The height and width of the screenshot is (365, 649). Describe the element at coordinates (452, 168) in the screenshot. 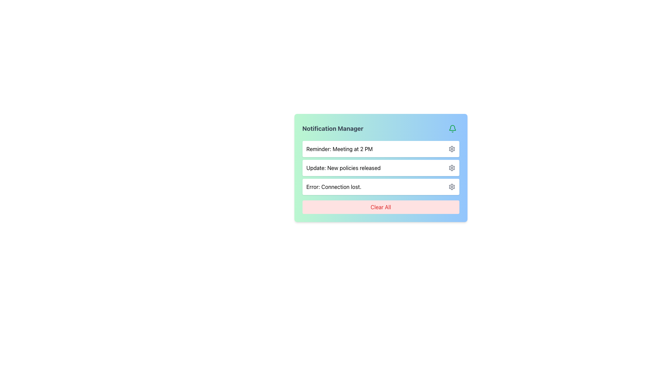

I see `the settings button located on the far-right side of the notification row labeled 'Update: New policies released' to interact with the associated settings or actions` at that location.